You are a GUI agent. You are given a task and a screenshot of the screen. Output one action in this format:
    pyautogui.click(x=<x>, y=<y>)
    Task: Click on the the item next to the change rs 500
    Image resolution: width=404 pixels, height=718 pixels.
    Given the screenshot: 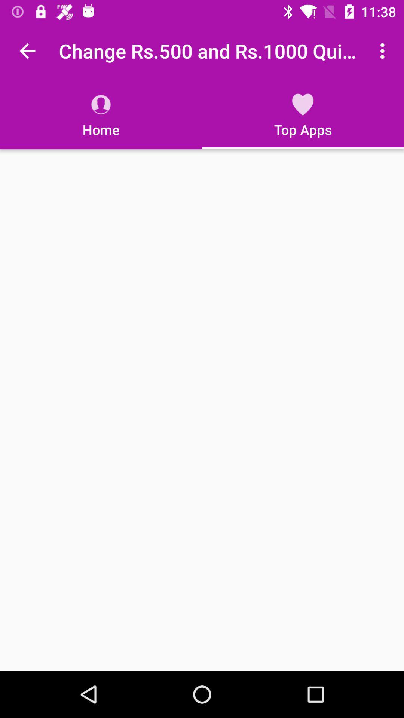 What is the action you would take?
    pyautogui.click(x=384, y=50)
    